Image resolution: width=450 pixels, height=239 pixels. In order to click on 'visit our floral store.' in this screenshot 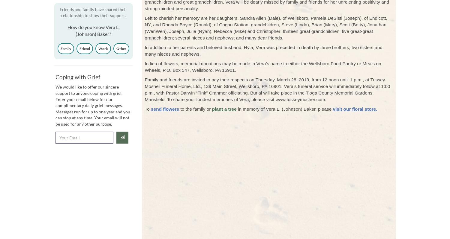, I will do `click(355, 109)`.